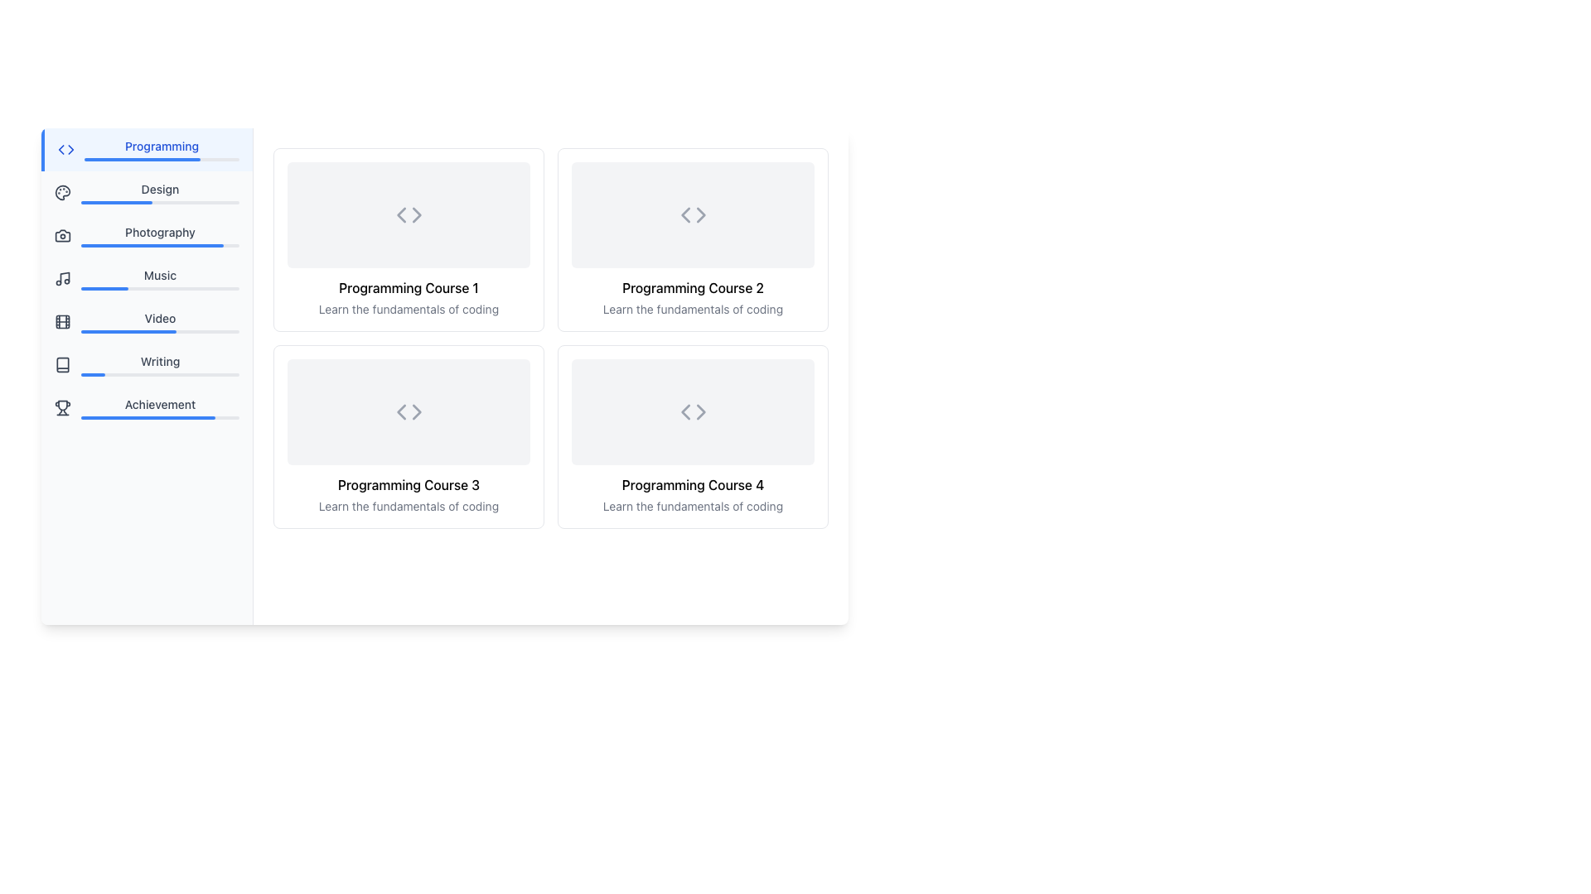 This screenshot has width=1591, height=894. Describe the element at coordinates (160, 405) in the screenshot. I see `the 'Achievement' navigation label in the sidebar, which is located vertically below the 'Writing' label` at that location.